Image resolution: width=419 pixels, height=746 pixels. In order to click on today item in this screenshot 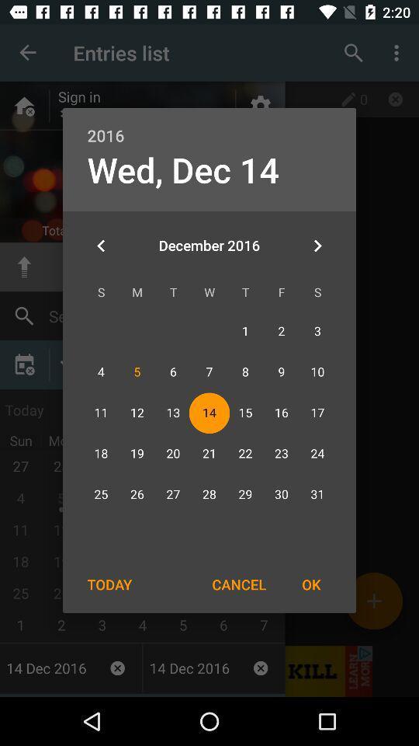, I will do `click(109, 584)`.